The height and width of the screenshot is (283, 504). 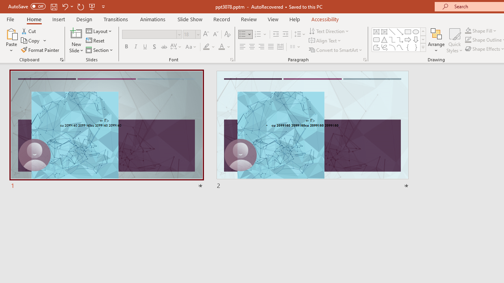 I want to click on 'Convert to SmartArt', so click(x=336, y=50).